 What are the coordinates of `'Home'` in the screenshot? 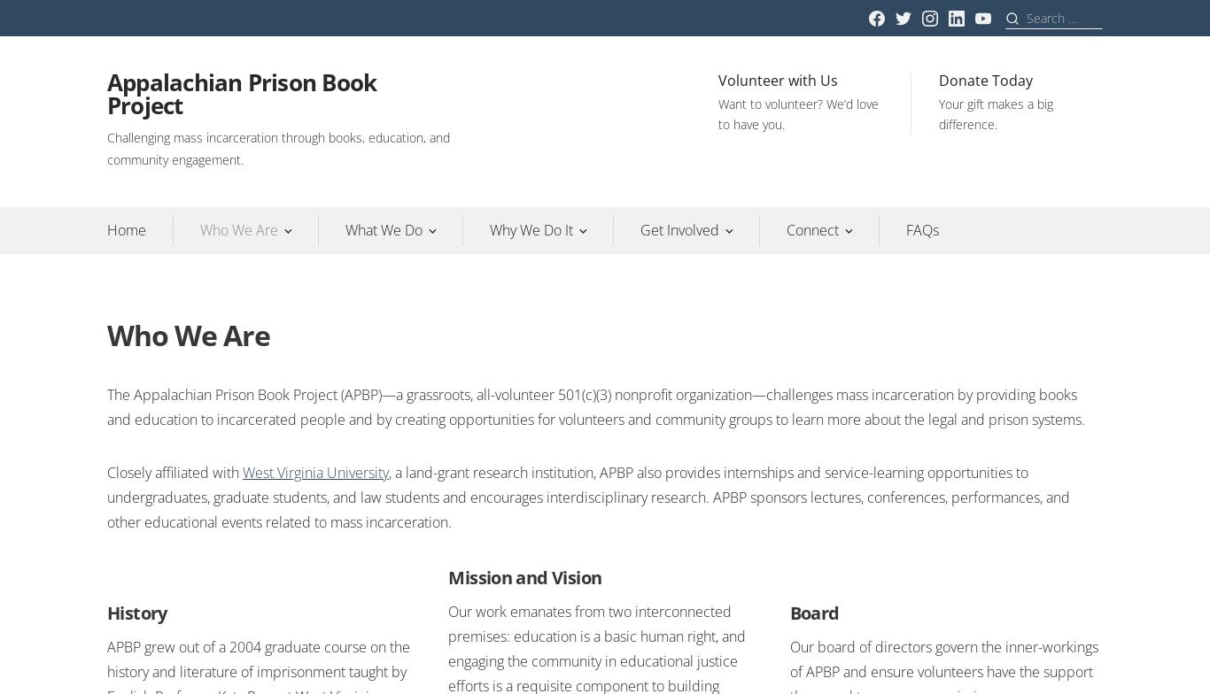 It's located at (126, 229).